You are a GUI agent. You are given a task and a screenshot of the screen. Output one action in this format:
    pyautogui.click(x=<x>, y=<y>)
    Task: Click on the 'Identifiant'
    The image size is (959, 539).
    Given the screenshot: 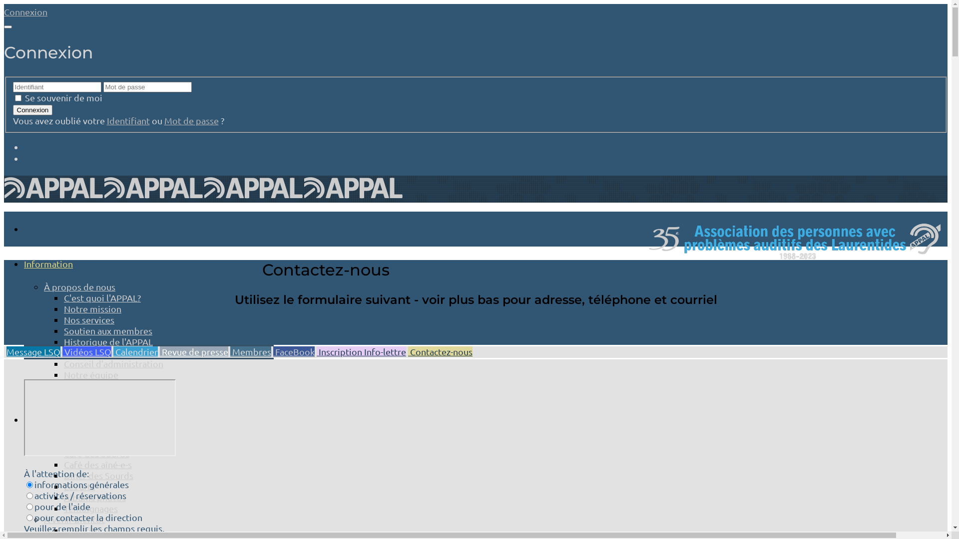 What is the action you would take?
    pyautogui.click(x=128, y=120)
    